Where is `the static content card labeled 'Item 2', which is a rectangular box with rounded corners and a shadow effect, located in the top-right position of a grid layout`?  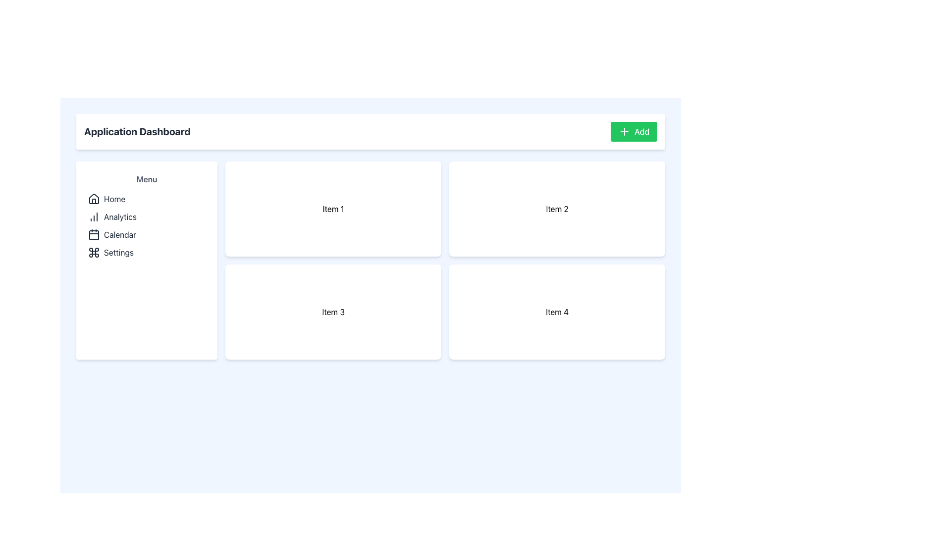
the static content card labeled 'Item 2', which is a rectangular box with rounded corners and a shadow effect, located in the top-right position of a grid layout is located at coordinates (557, 208).